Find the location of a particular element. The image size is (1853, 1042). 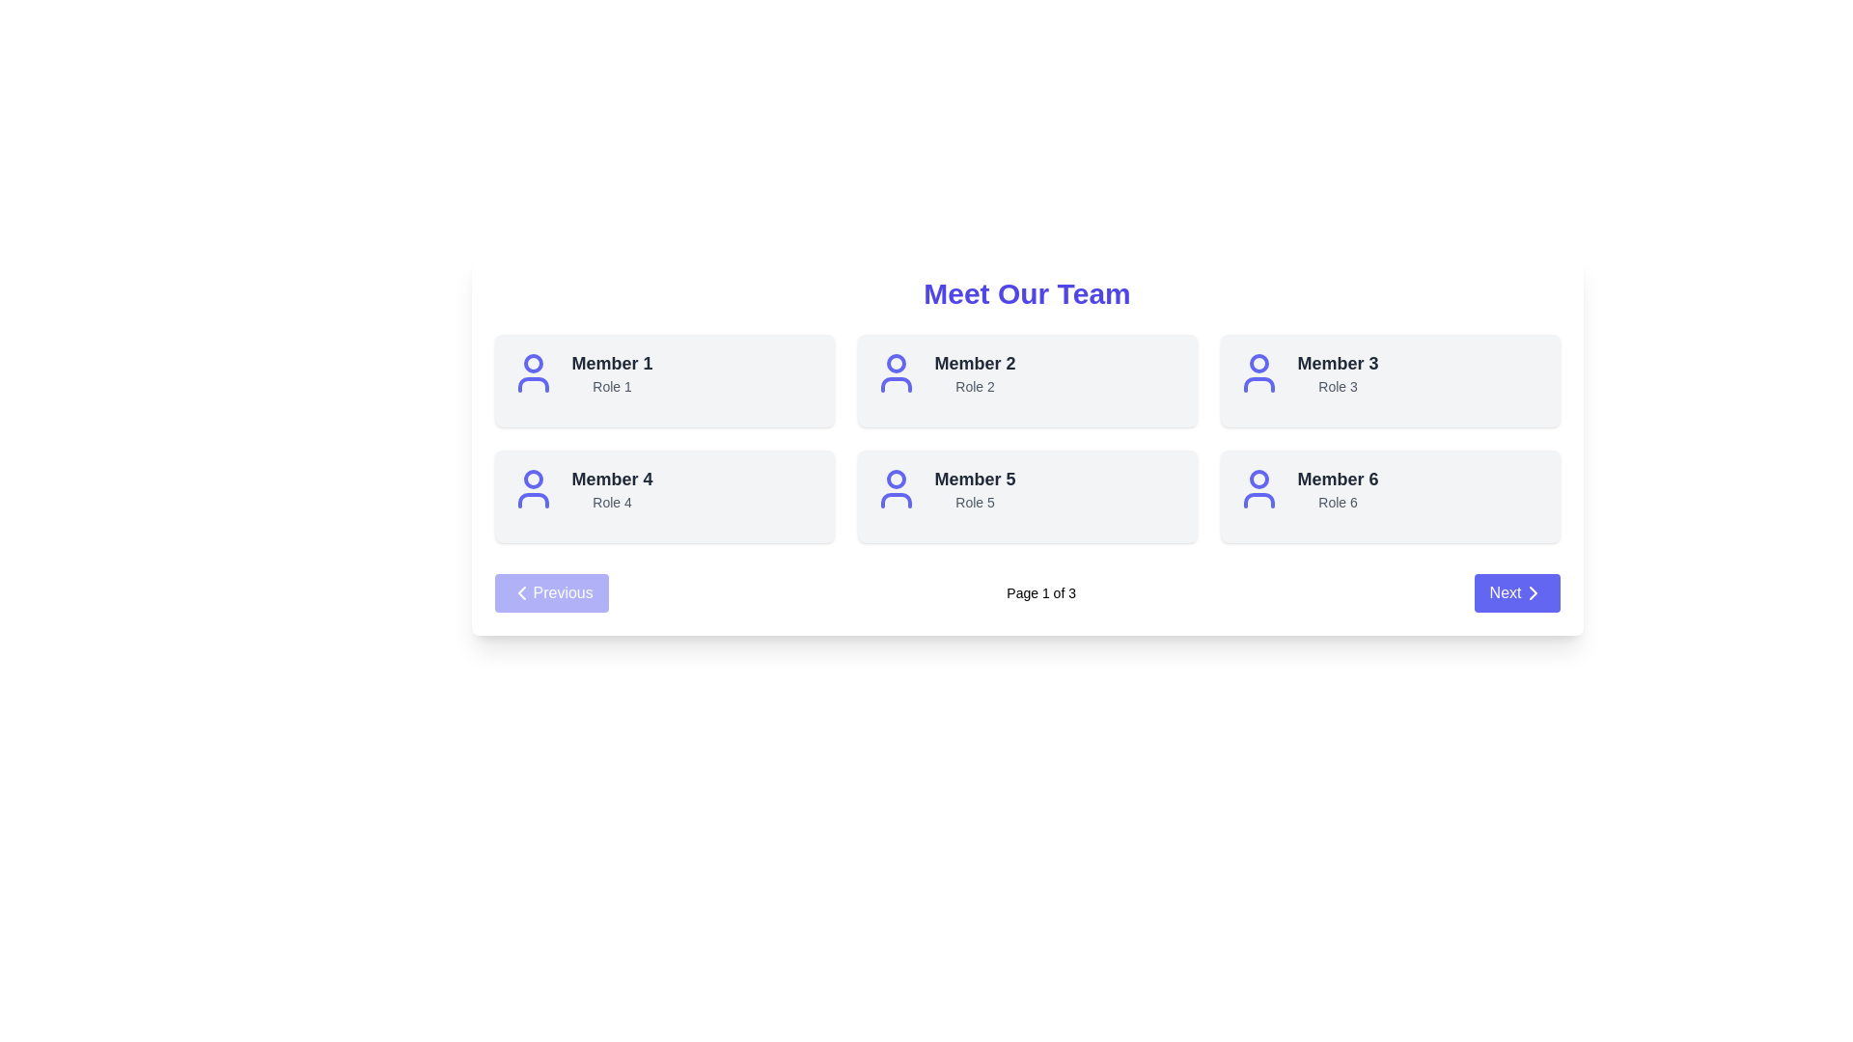

the static text label 'Role 1' which indicates the role of the associated member, positioned below 'Member 1' in the user card structure is located at coordinates (611, 387).